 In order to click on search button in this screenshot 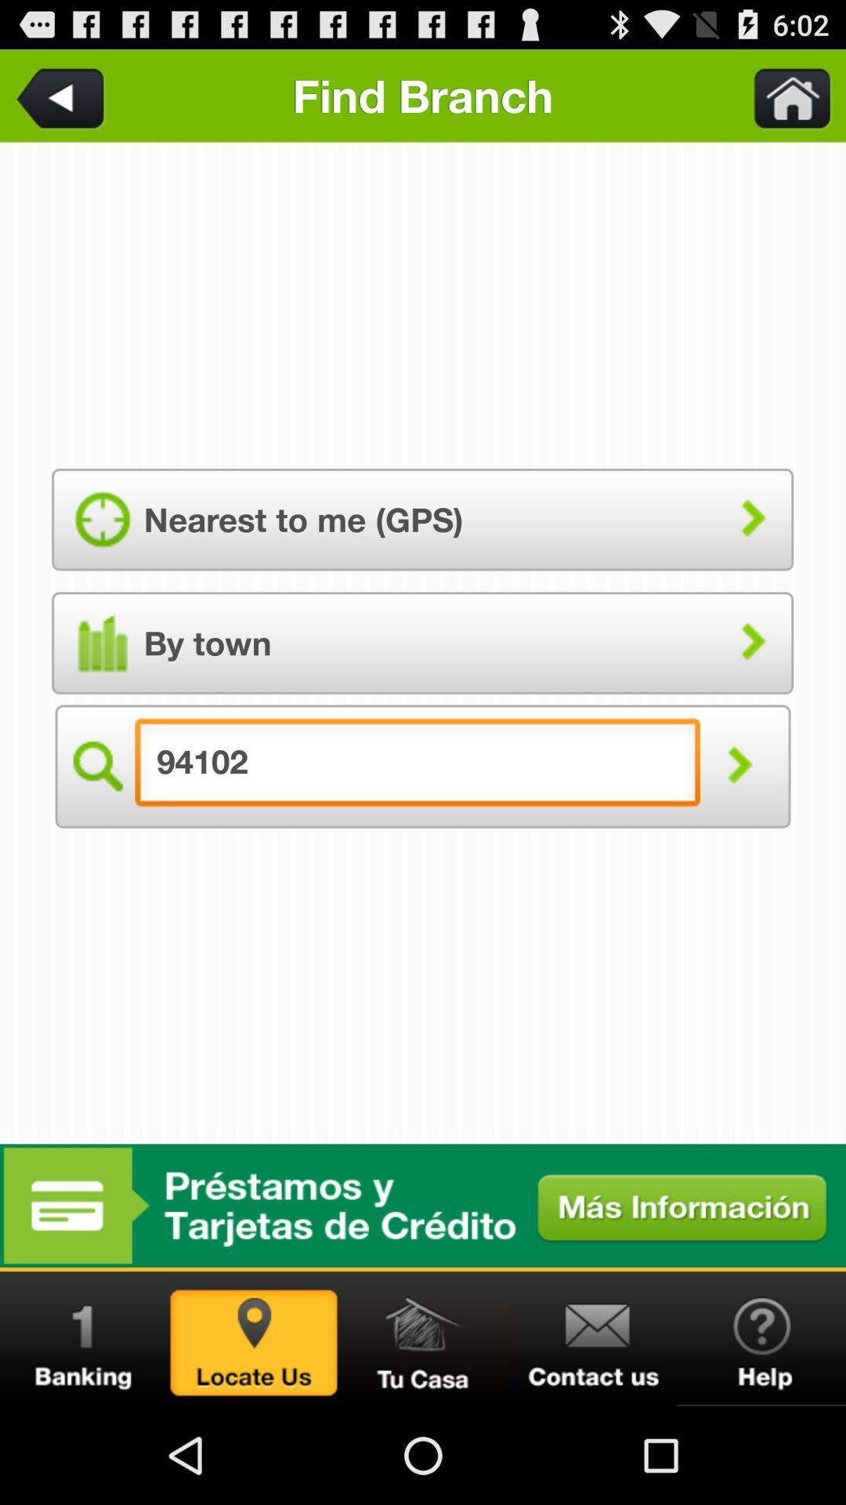, I will do `click(96, 766)`.